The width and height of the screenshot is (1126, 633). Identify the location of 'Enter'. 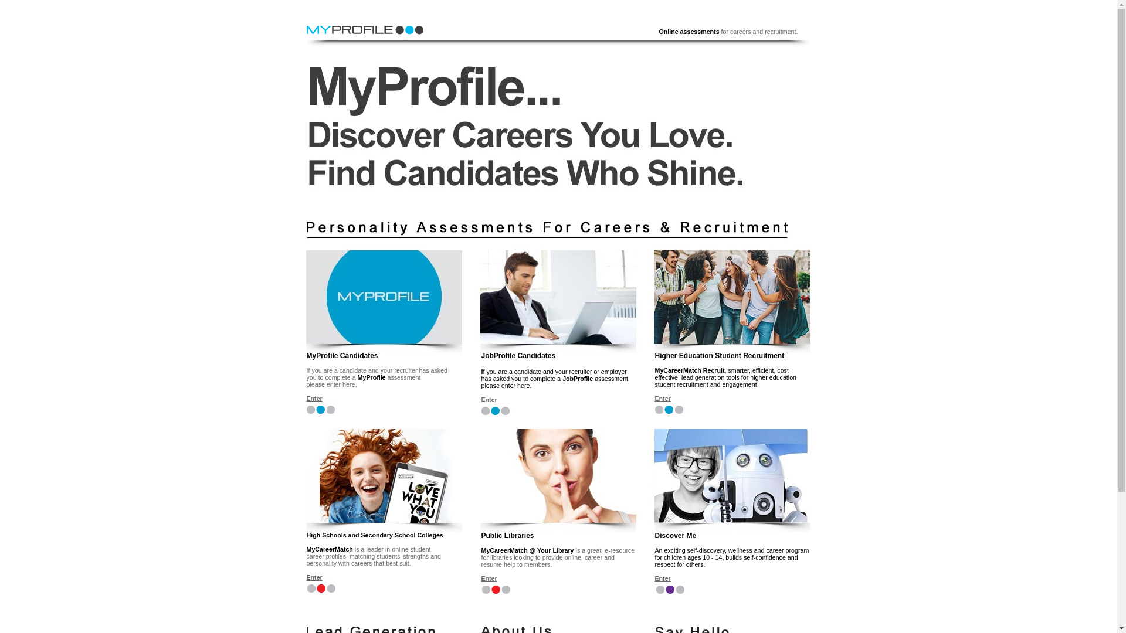
(662, 397).